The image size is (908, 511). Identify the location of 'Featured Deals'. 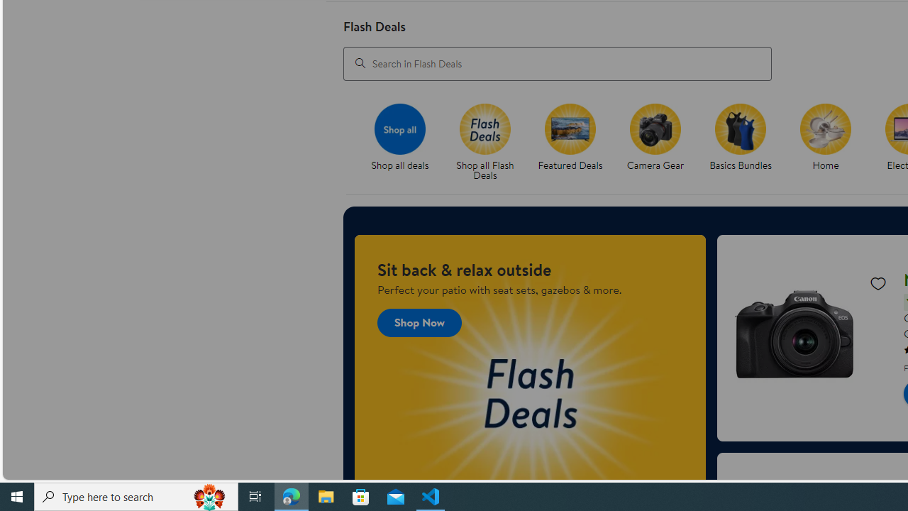
(576, 143).